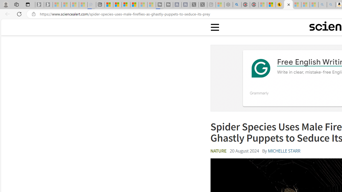  Describe the element at coordinates (220, 5) in the screenshot. I see `'Wildlife - MSN - Sleeping'` at that location.